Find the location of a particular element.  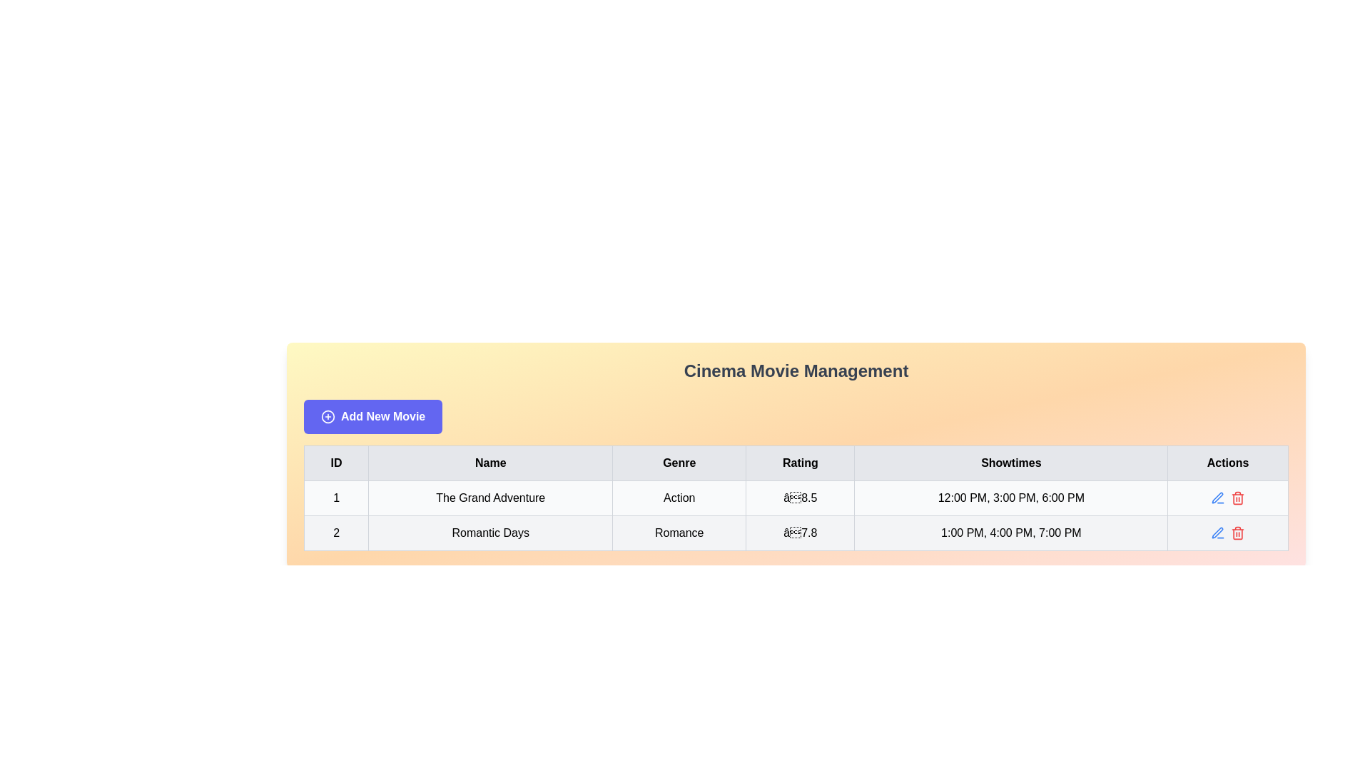

the red trash can icon button located in the 'Actions' column of the second row in the data table is located at coordinates (1237, 498).